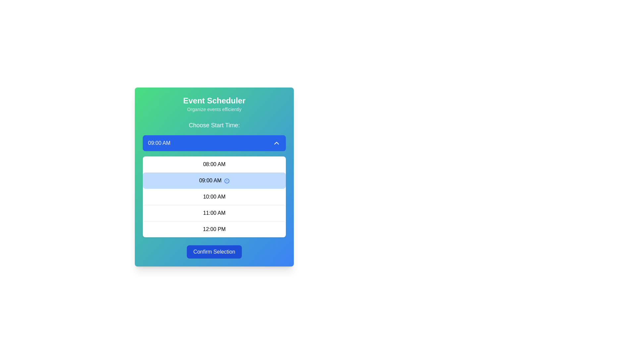 The width and height of the screenshot is (636, 358). I want to click on the 'Confirm Selection' button with blue background and white text, so click(214, 252).